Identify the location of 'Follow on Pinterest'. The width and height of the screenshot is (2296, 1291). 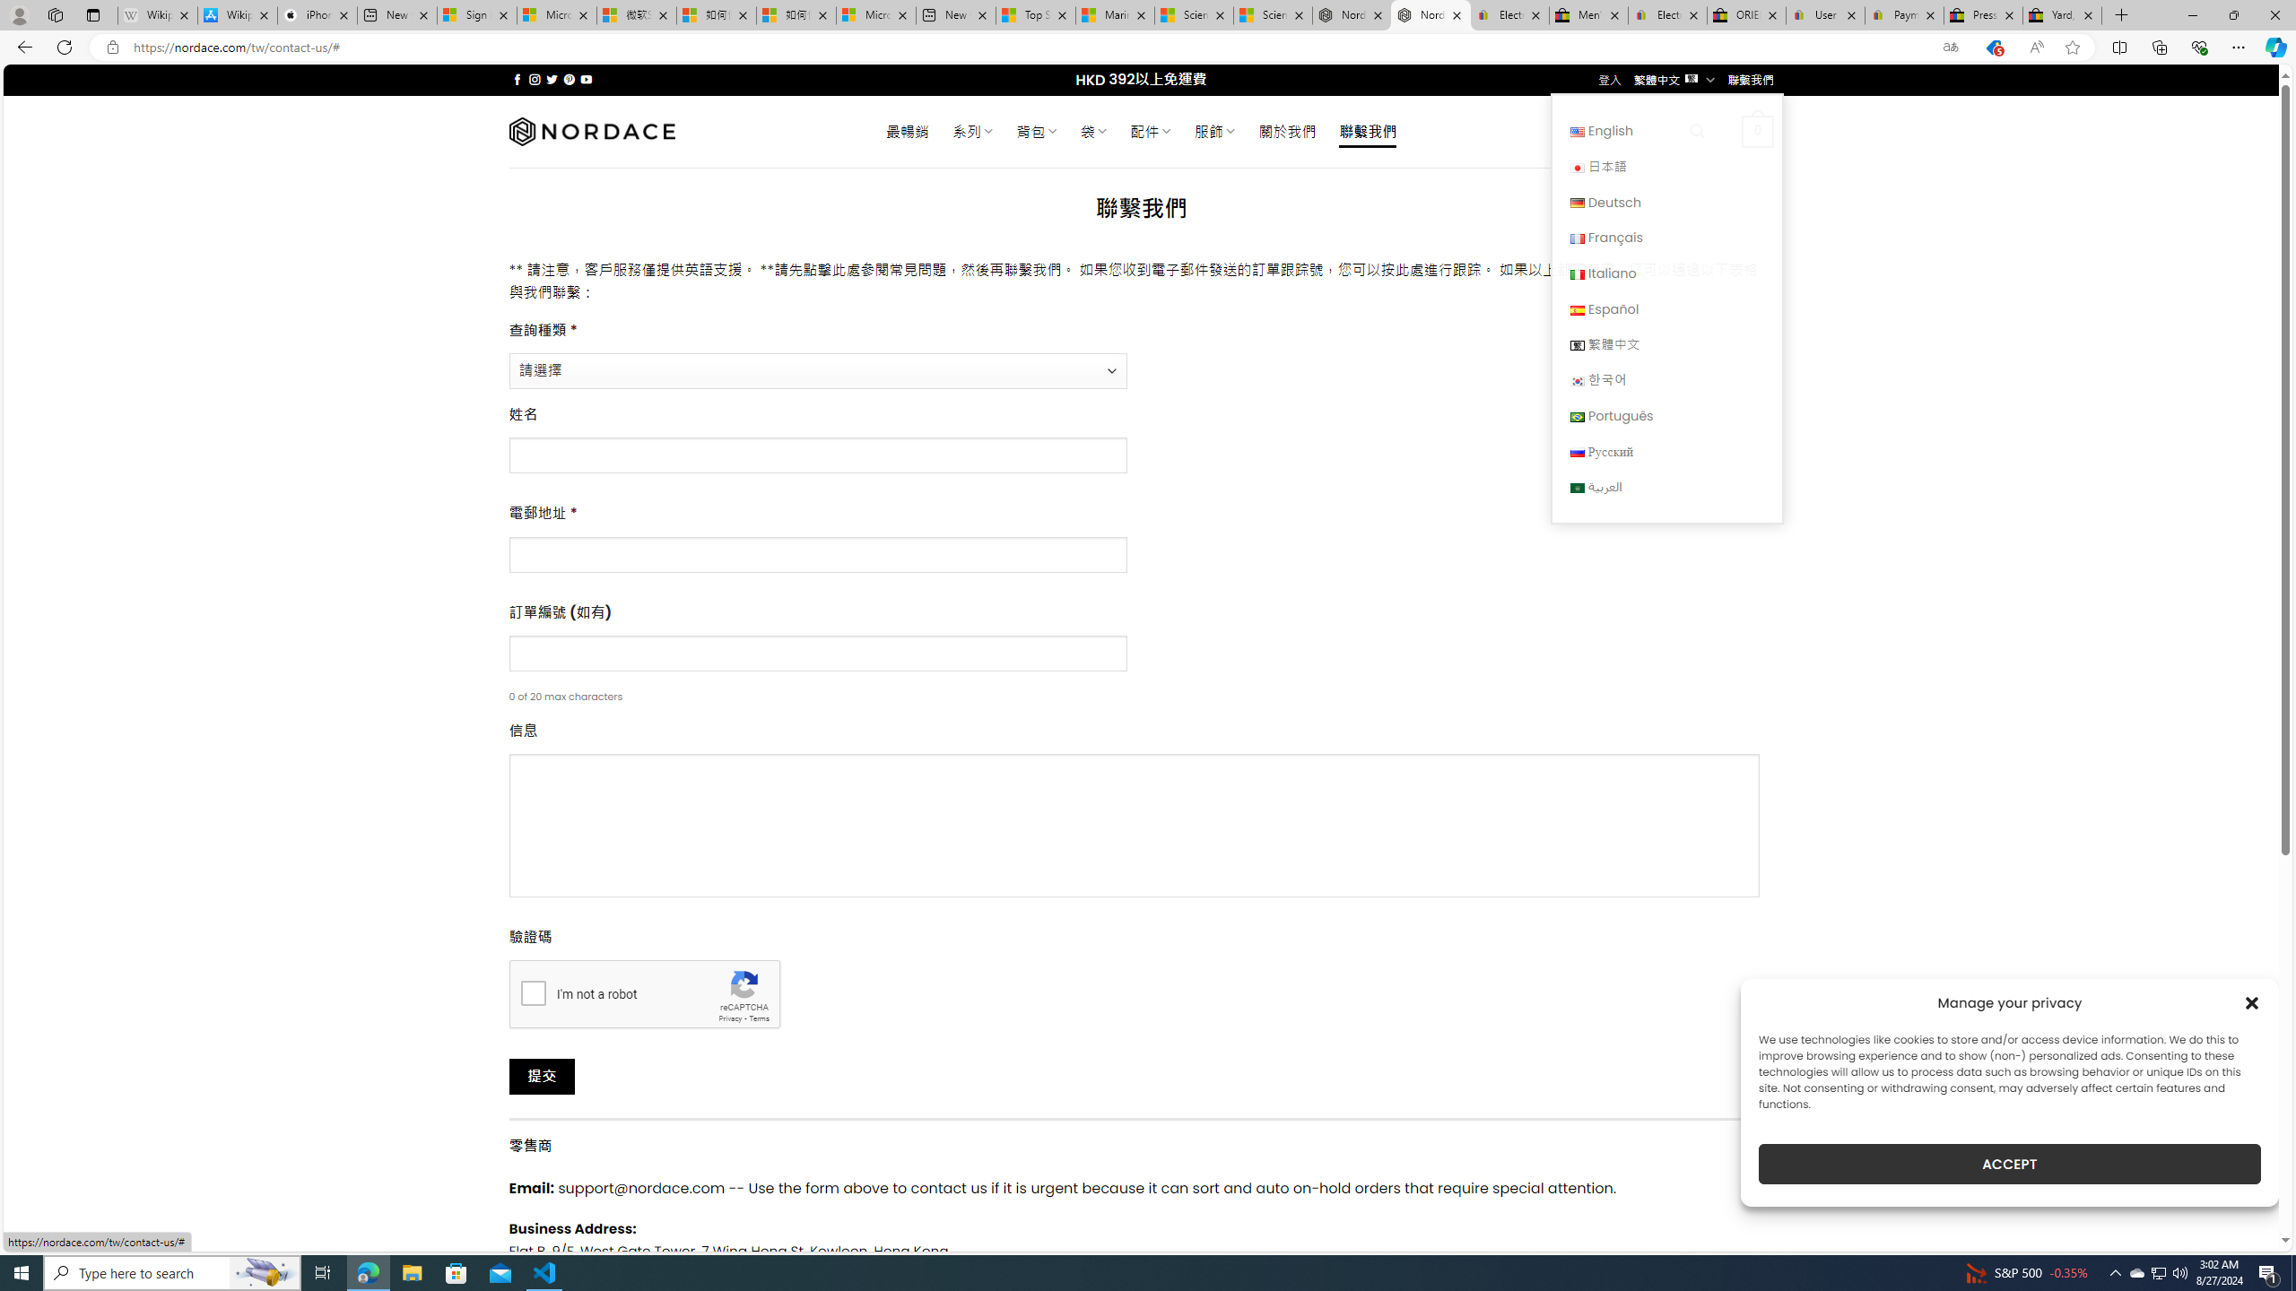
(567, 79).